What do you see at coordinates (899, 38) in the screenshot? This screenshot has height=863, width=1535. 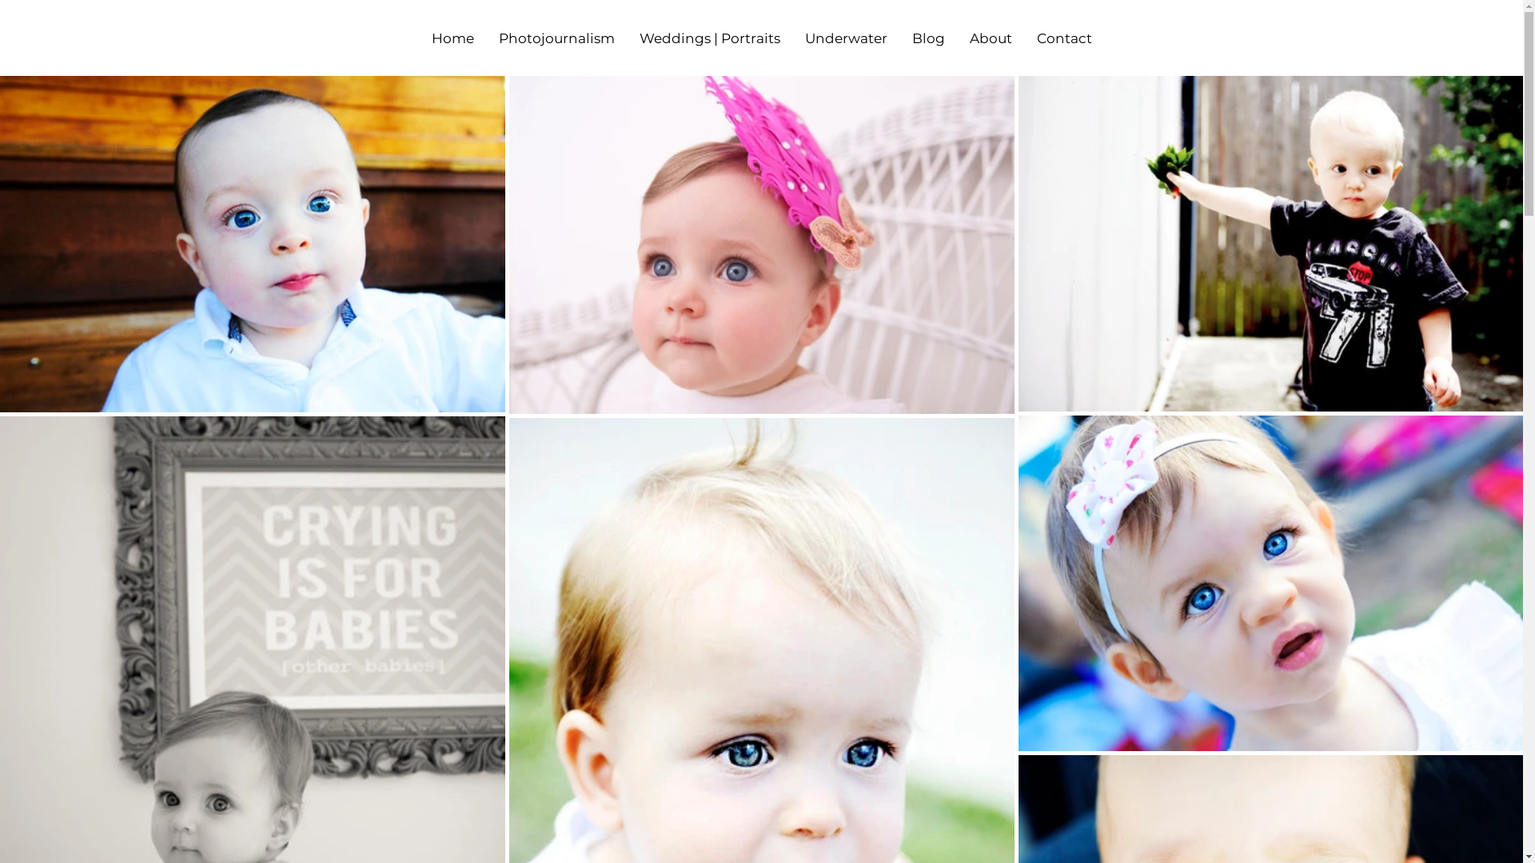 I see `'Blog'` at bounding box center [899, 38].